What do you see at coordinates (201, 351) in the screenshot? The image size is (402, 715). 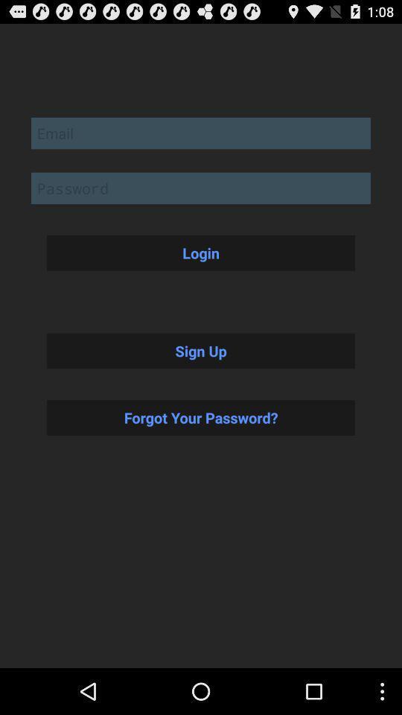 I see `item above forgot your password? button` at bounding box center [201, 351].